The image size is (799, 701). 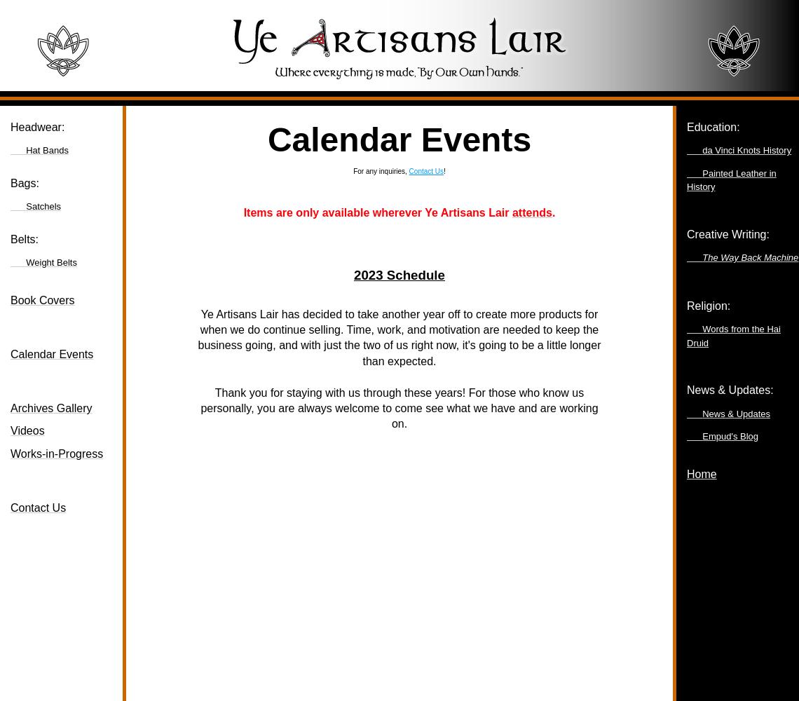 I want to click on 'The Way Back Machine', so click(x=749, y=257).